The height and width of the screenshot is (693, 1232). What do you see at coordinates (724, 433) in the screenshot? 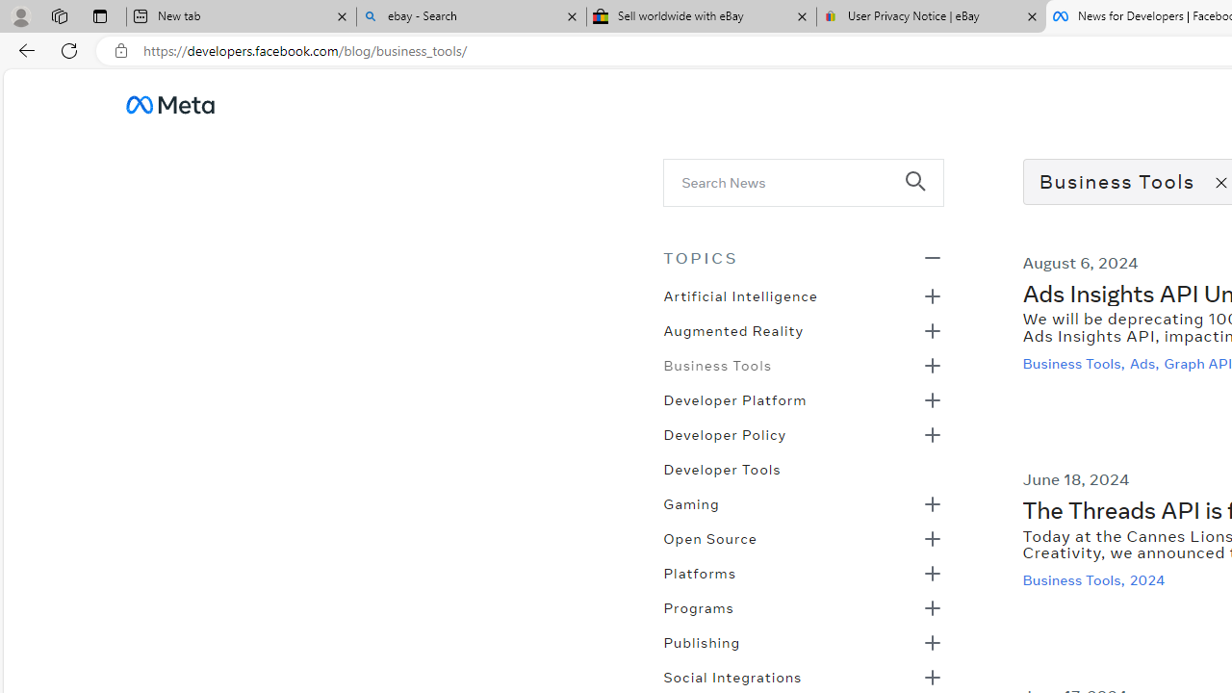
I see `'Developer Policy'` at bounding box center [724, 433].